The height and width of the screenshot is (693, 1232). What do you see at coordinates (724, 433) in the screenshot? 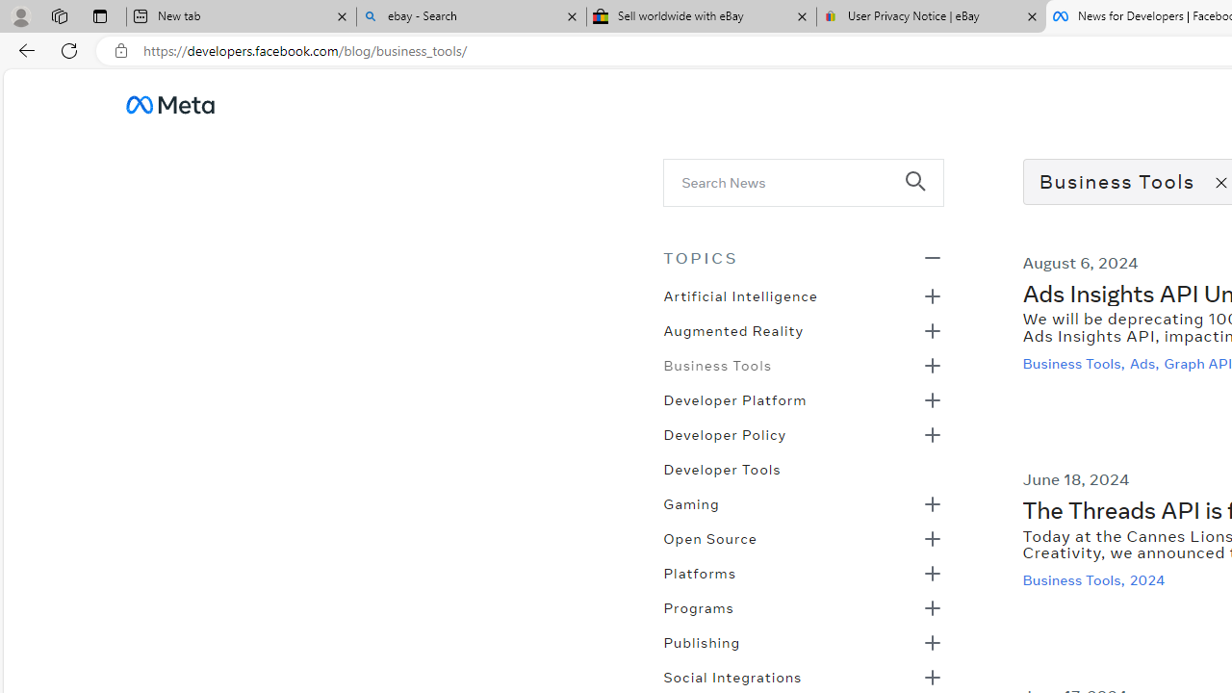
I see `'Developer Policy'` at bounding box center [724, 433].